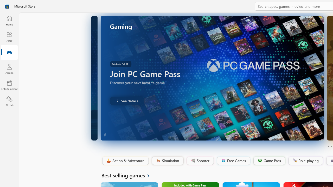  I want to click on 'Page 1', so click(328, 146).